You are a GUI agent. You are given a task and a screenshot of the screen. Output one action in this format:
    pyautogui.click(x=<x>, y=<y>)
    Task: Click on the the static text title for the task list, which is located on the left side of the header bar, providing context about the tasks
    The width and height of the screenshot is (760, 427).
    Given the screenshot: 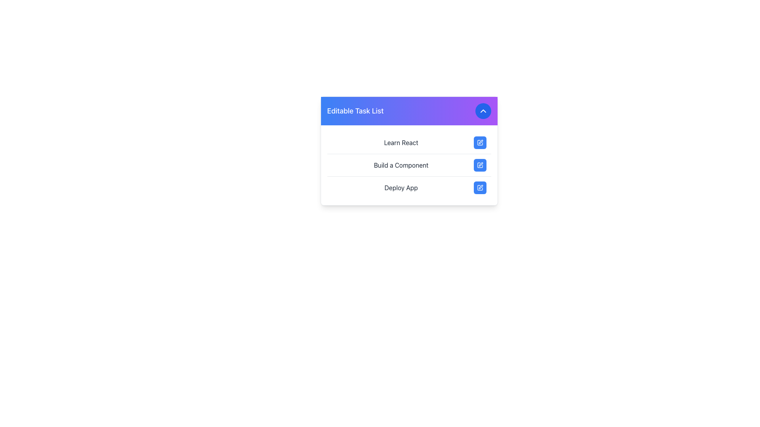 What is the action you would take?
    pyautogui.click(x=355, y=111)
    